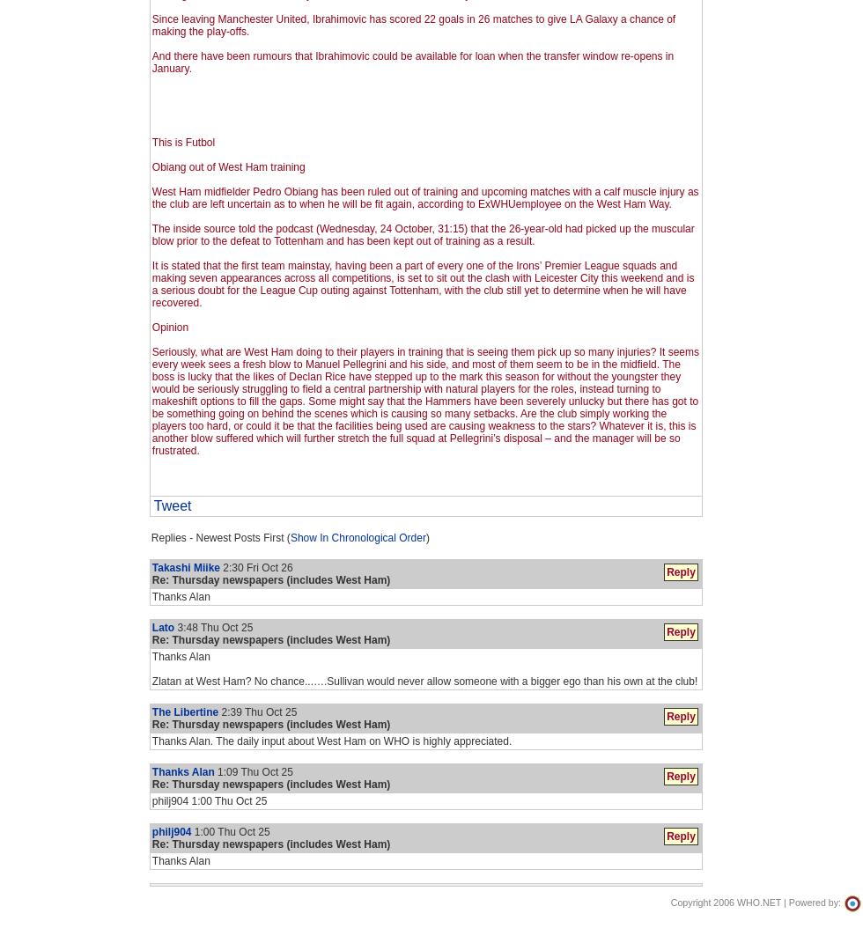  I want to click on 'West Ham midfielder Pedro Obiang has been ruled out of training and upcoming matches with a calf muscle injury as the club are left uncertain as to when he will be fit again, according to ExWHUemployee on the West Ham Way.', so click(151, 198).